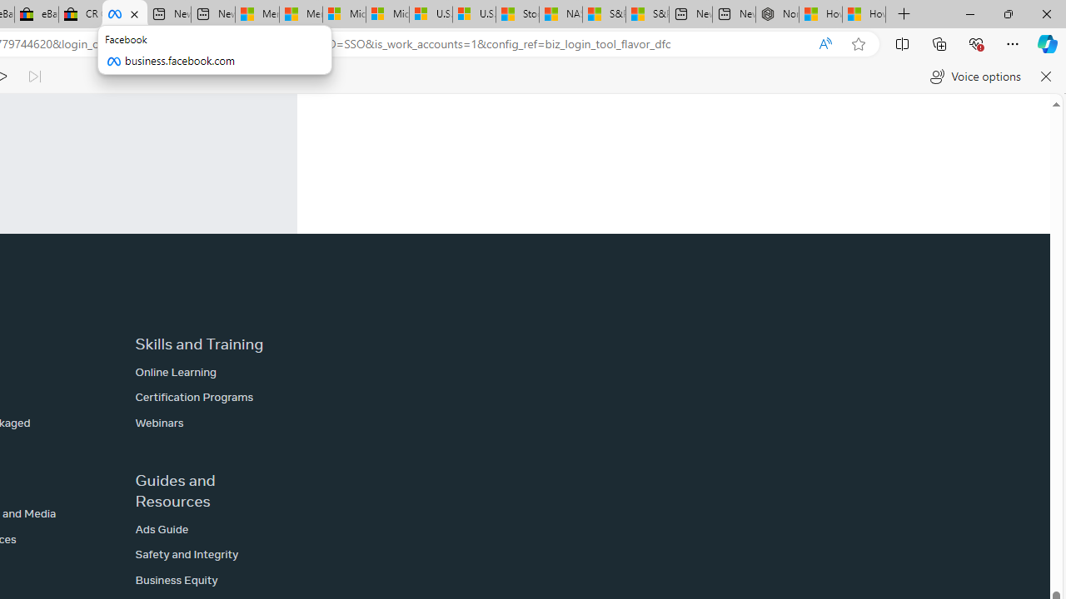 The image size is (1066, 599). Describe the element at coordinates (162, 529) in the screenshot. I see `'Ads Guide'` at that location.